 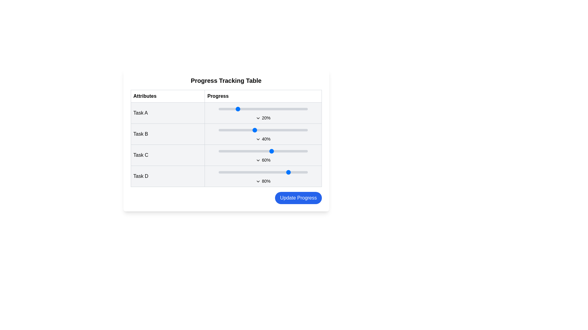 I want to click on the progress of Task A, so click(x=241, y=109).